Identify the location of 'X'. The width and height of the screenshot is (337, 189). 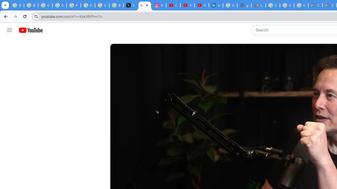
(131, 5).